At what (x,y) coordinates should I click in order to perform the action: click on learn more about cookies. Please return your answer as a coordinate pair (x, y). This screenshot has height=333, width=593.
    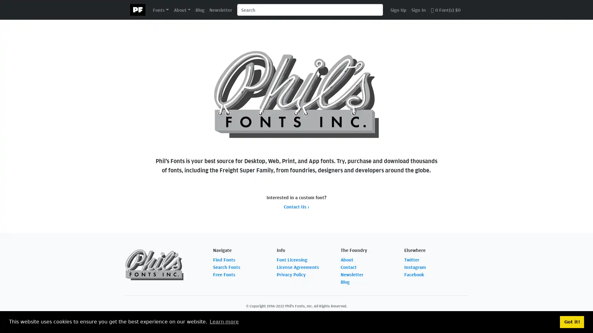
    Looking at the image, I should click on (224, 322).